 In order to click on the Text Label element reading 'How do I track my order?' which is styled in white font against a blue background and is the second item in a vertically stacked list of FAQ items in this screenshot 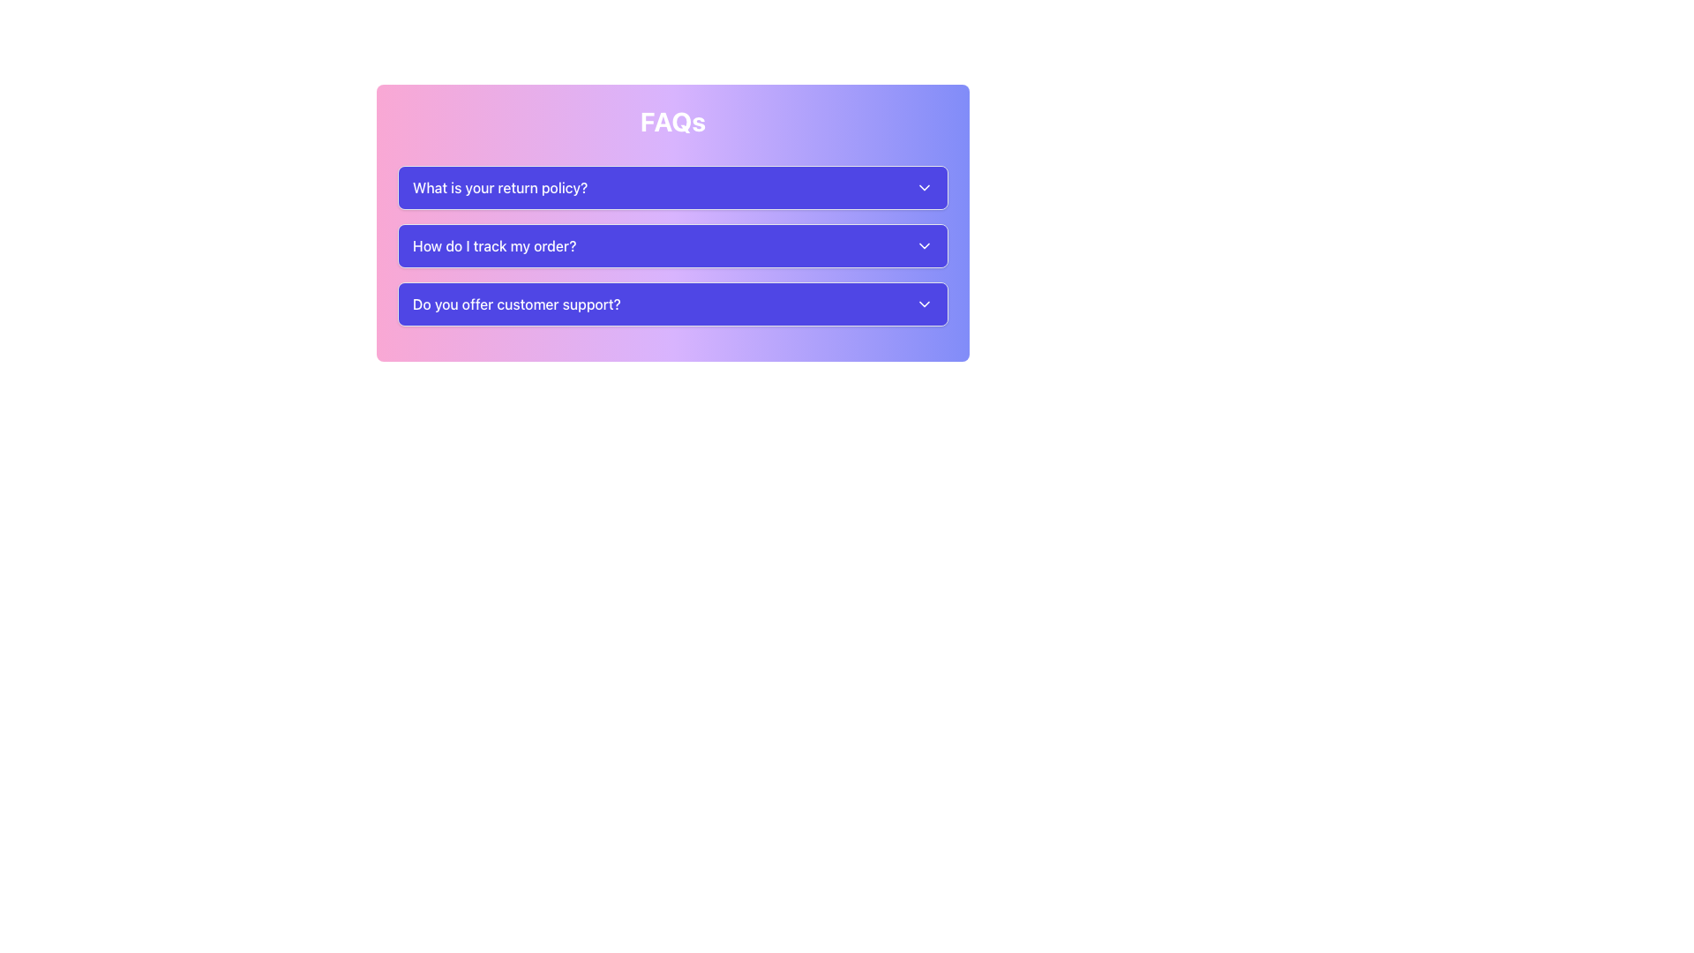, I will do `click(494, 245)`.